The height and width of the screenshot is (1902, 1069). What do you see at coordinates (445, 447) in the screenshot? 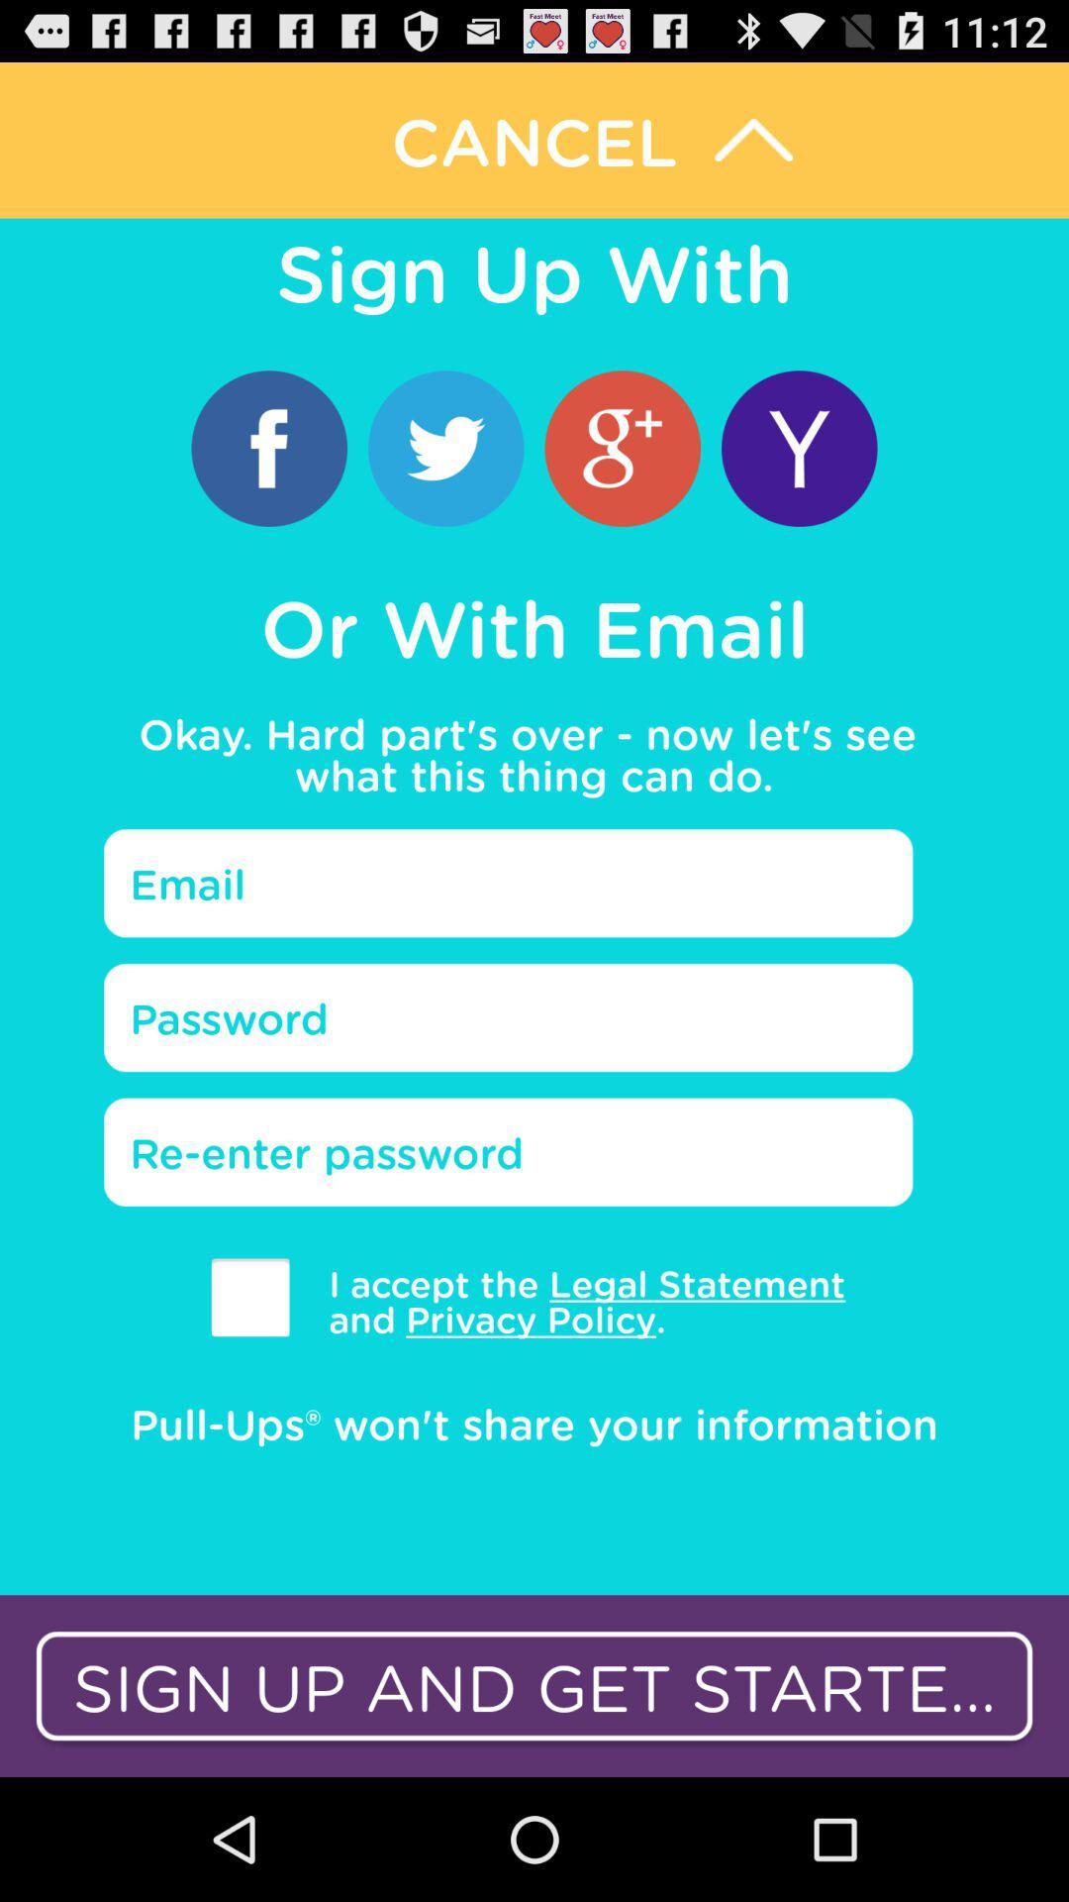
I see `app above or with email app` at bounding box center [445, 447].